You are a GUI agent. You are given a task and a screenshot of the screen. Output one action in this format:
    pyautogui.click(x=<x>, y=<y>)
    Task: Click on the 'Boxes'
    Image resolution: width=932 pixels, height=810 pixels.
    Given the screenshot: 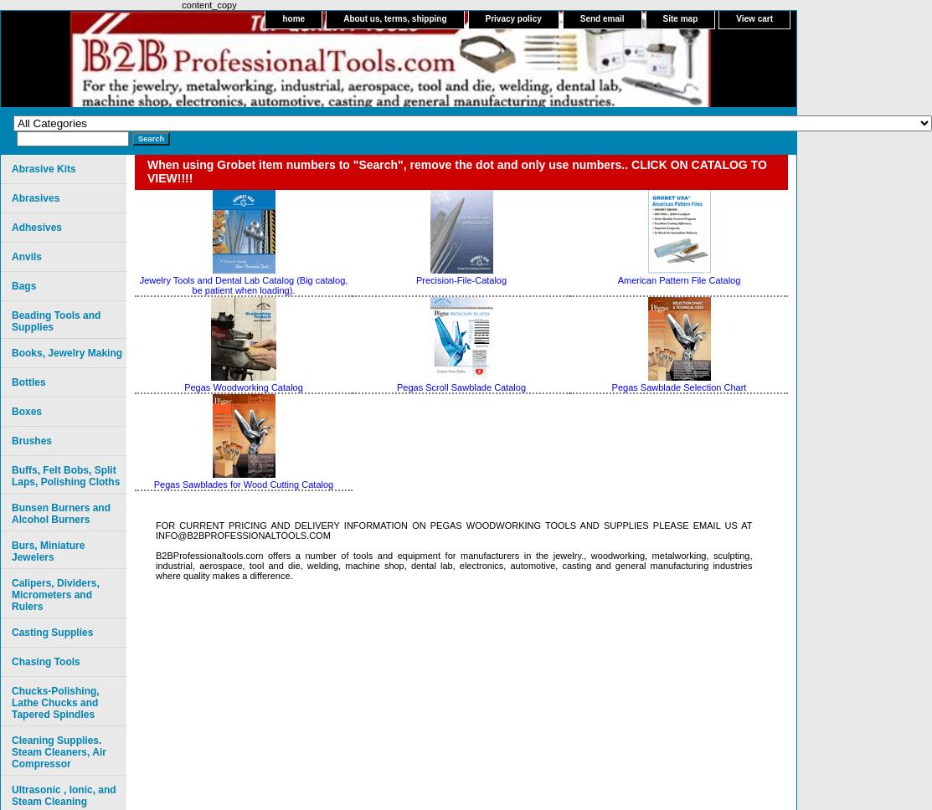 What is the action you would take?
    pyautogui.click(x=27, y=412)
    